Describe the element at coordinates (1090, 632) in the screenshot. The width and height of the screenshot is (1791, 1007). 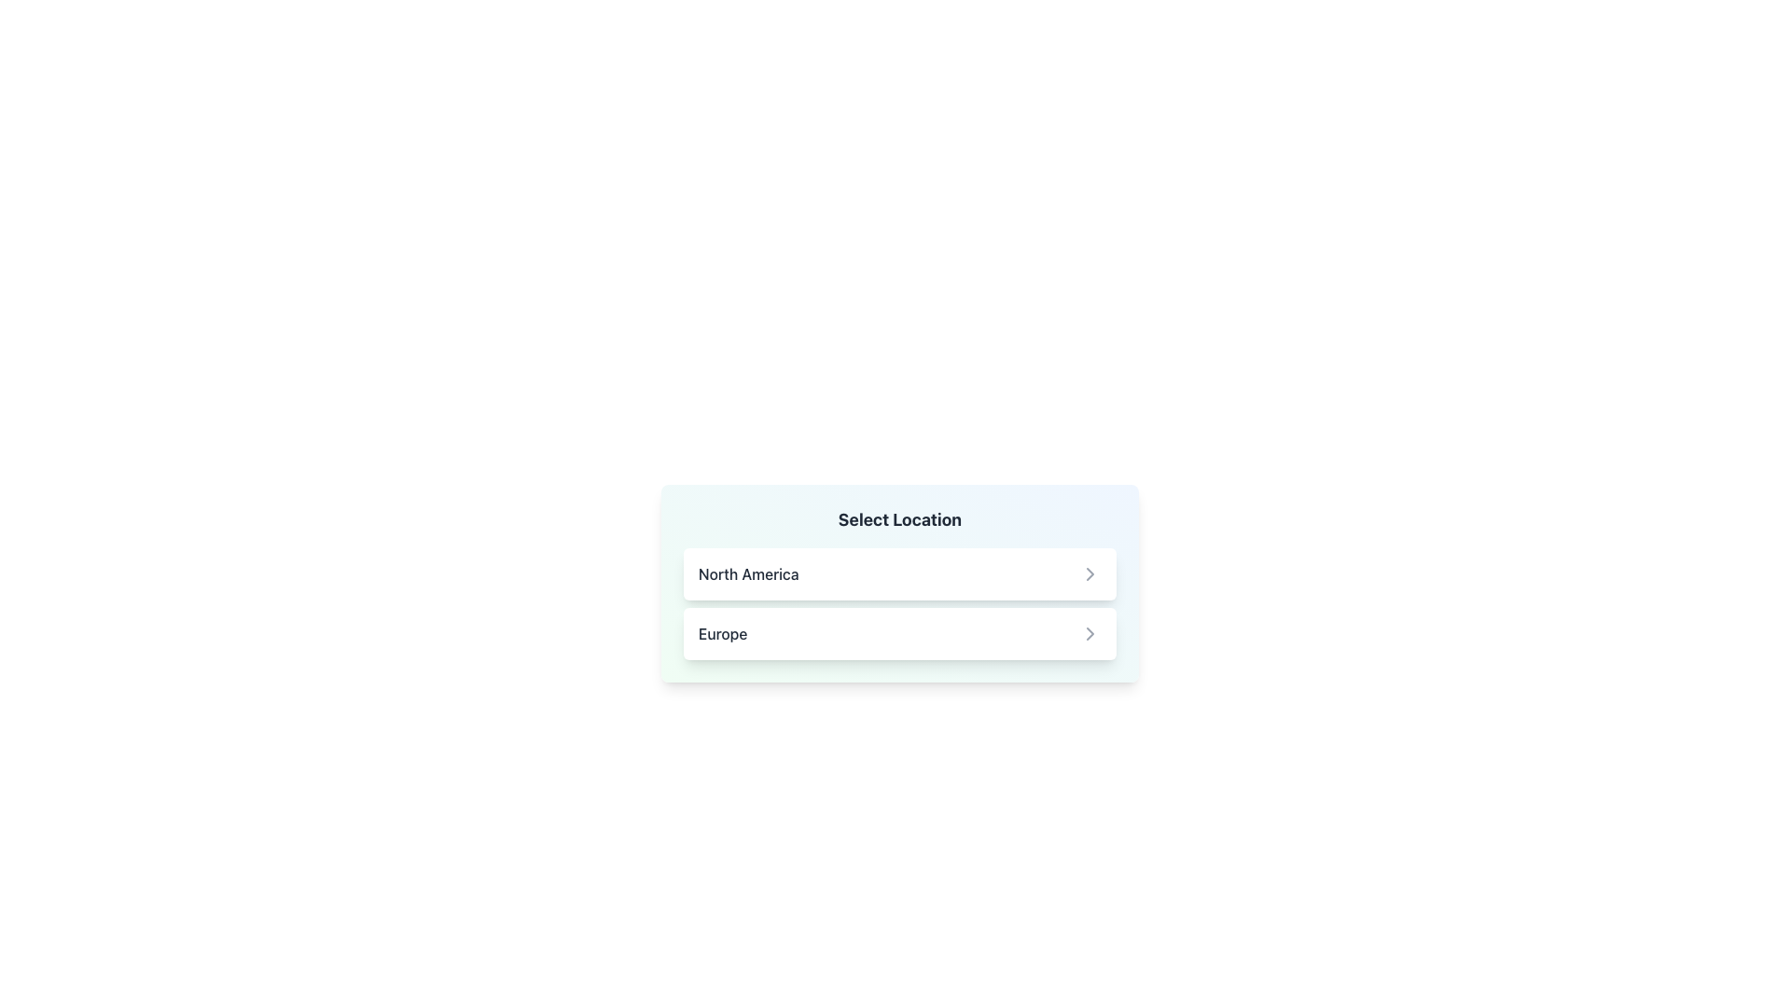
I see `the right-facing chevron icon styled in light gray, located next to the 'Europe' text in the menu item` at that location.